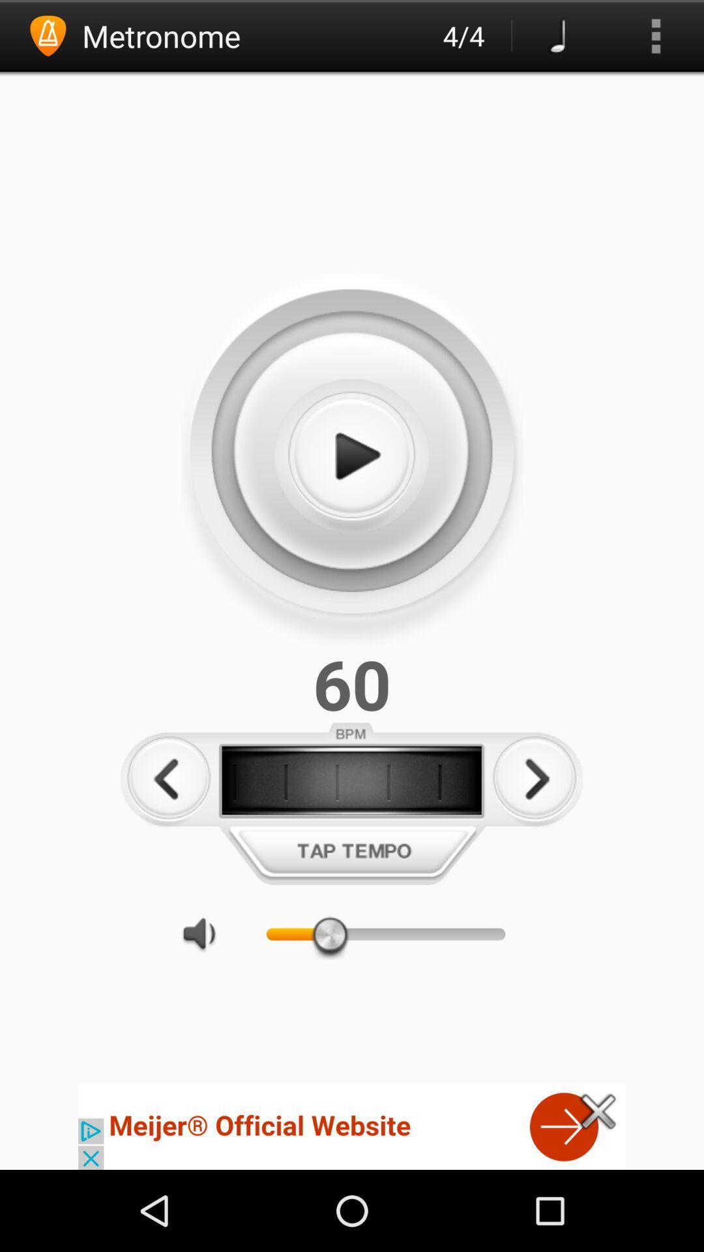  Describe the element at coordinates (168, 779) in the screenshot. I see `decrease bpm` at that location.